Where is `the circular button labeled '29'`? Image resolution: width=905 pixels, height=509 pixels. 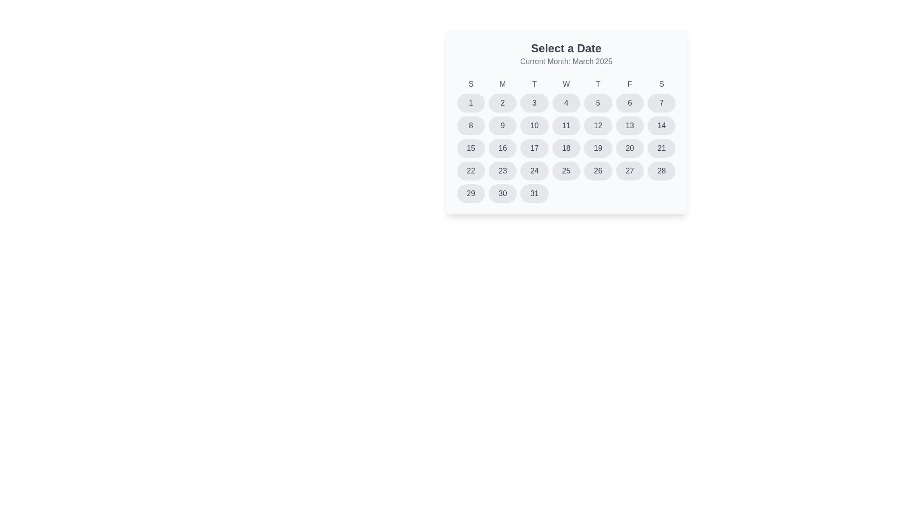
the circular button labeled '29' is located at coordinates (470, 193).